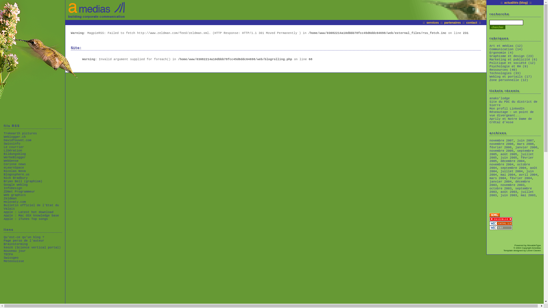 The height and width of the screenshot is (308, 548). Describe the element at coordinates (25, 218) in the screenshot. I see `'Apple : iTunes Top songs'` at that location.